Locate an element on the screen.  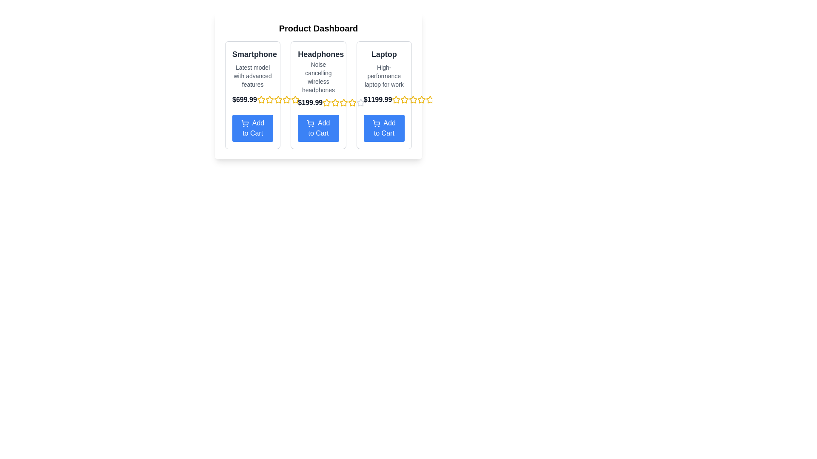
the second star in the rating control under the 'Headphones' section is located at coordinates (295, 99).